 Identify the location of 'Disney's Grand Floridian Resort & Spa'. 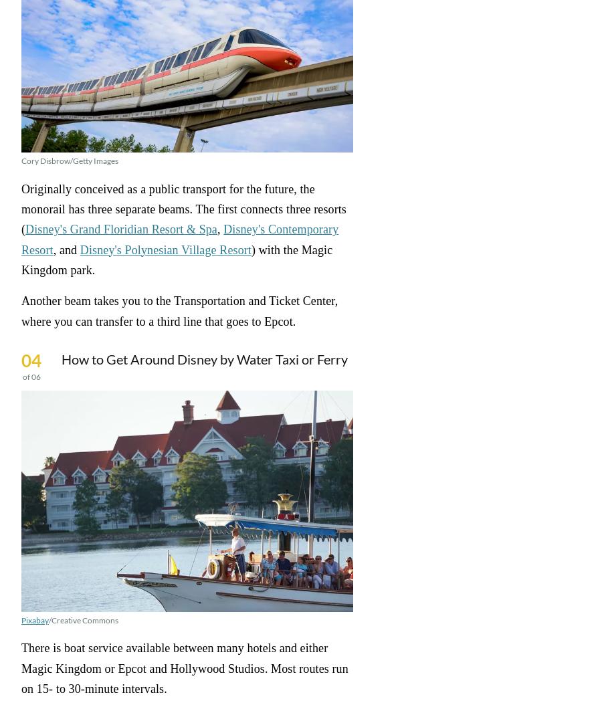
(120, 229).